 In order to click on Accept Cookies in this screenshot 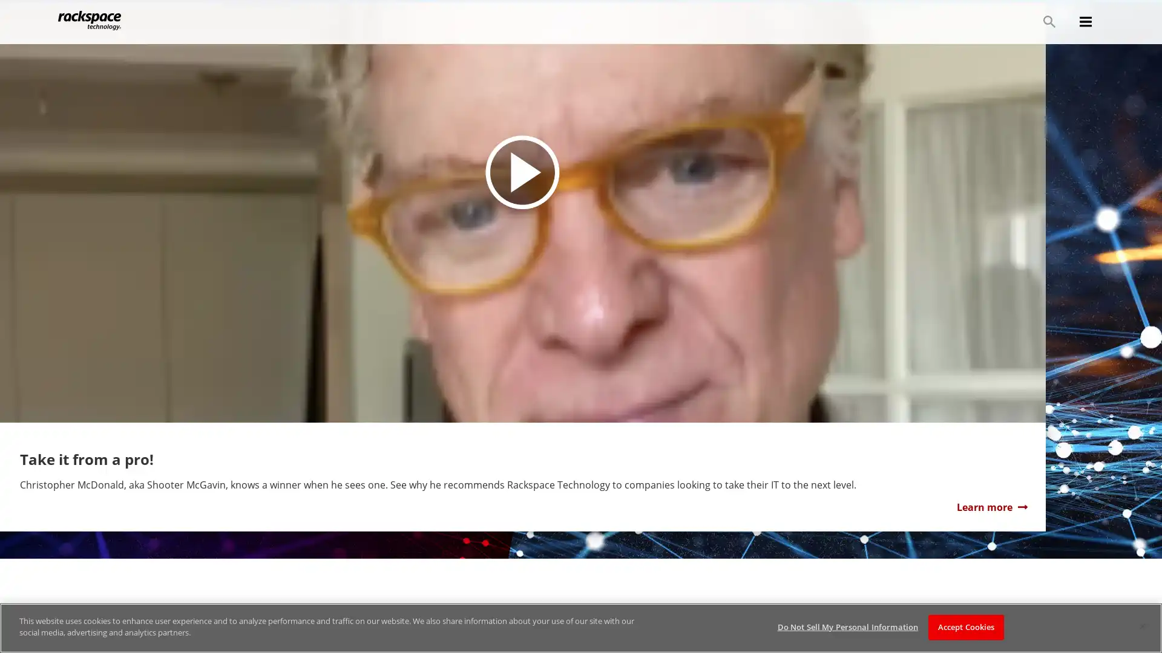, I will do `click(965, 626)`.